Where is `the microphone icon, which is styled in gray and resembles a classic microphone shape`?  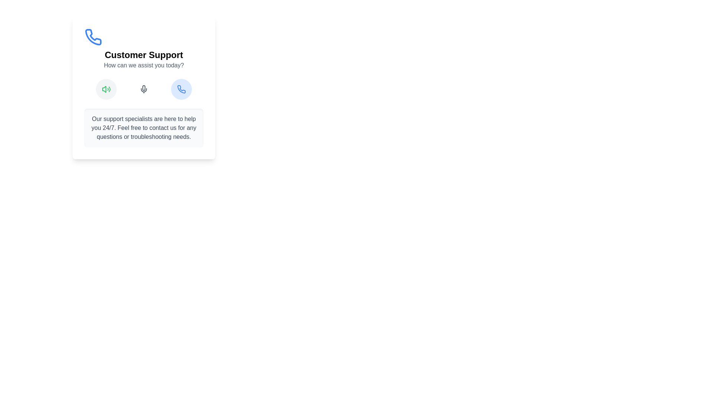 the microphone icon, which is styled in gray and resembles a classic microphone shape is located at coordinates (144, 89).